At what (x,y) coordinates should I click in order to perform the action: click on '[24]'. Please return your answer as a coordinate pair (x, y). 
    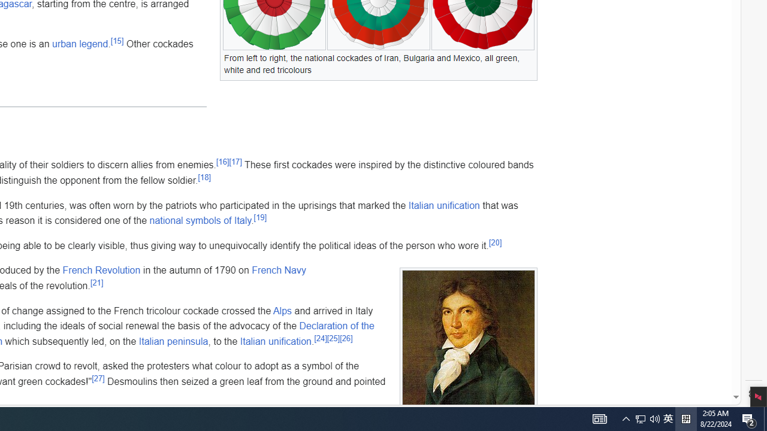
    Looking at the image, I should click on (321, 338).